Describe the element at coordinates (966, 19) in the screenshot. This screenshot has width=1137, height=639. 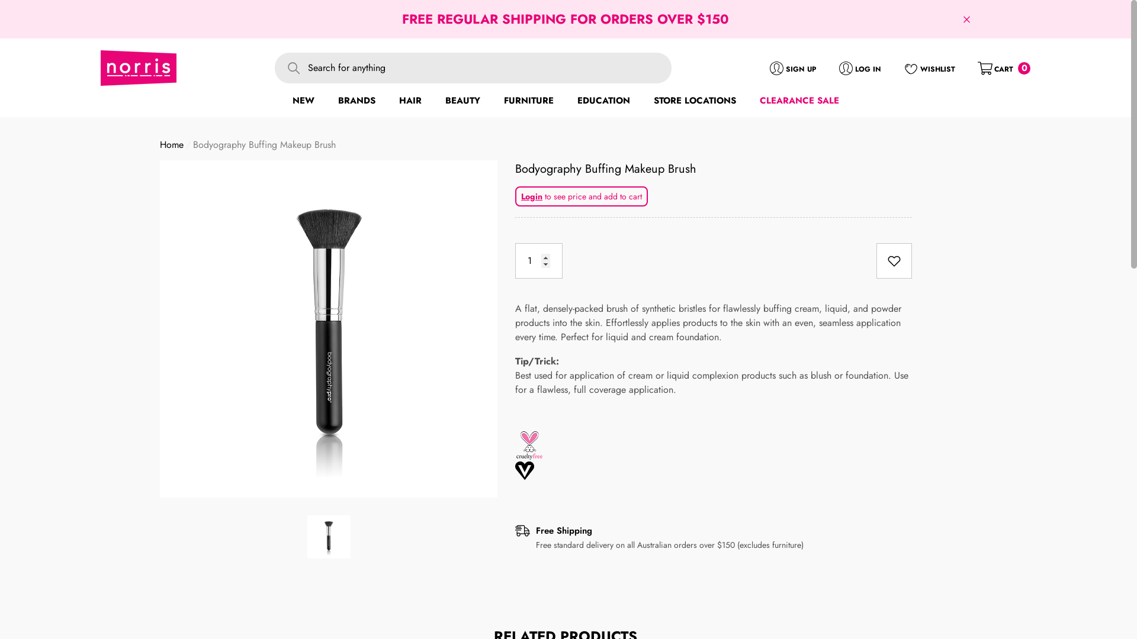
I see `'Close'` at that location.